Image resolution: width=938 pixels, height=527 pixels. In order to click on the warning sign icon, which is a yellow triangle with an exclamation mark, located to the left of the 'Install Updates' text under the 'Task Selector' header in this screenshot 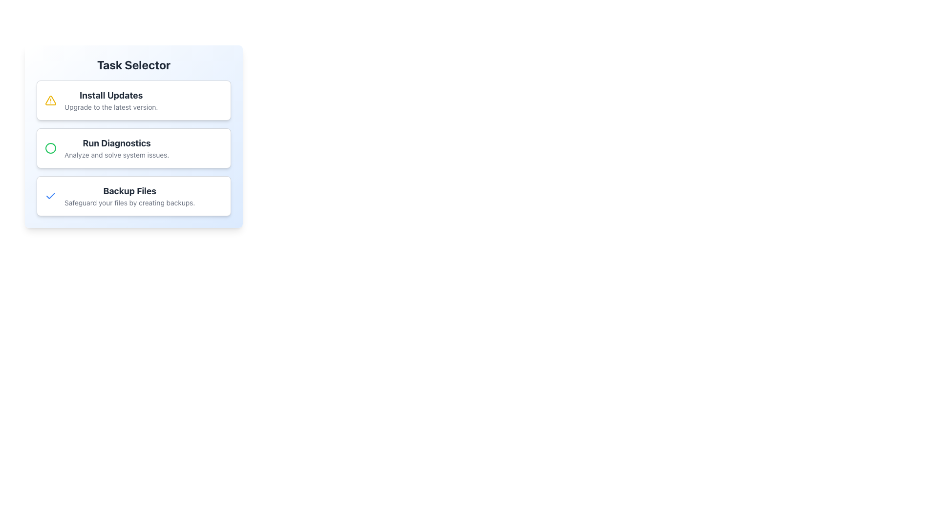, I will do `click(50, 100)`.